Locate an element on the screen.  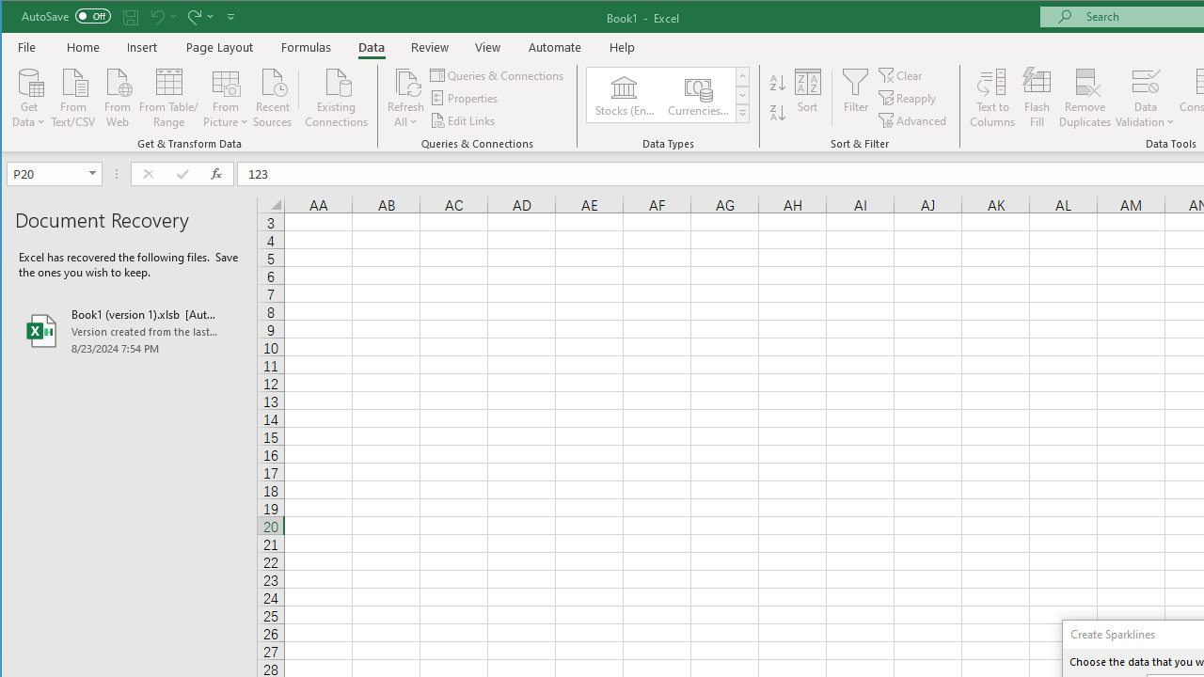
'Class: NetUIImage' is located at coordinates (741, 113).